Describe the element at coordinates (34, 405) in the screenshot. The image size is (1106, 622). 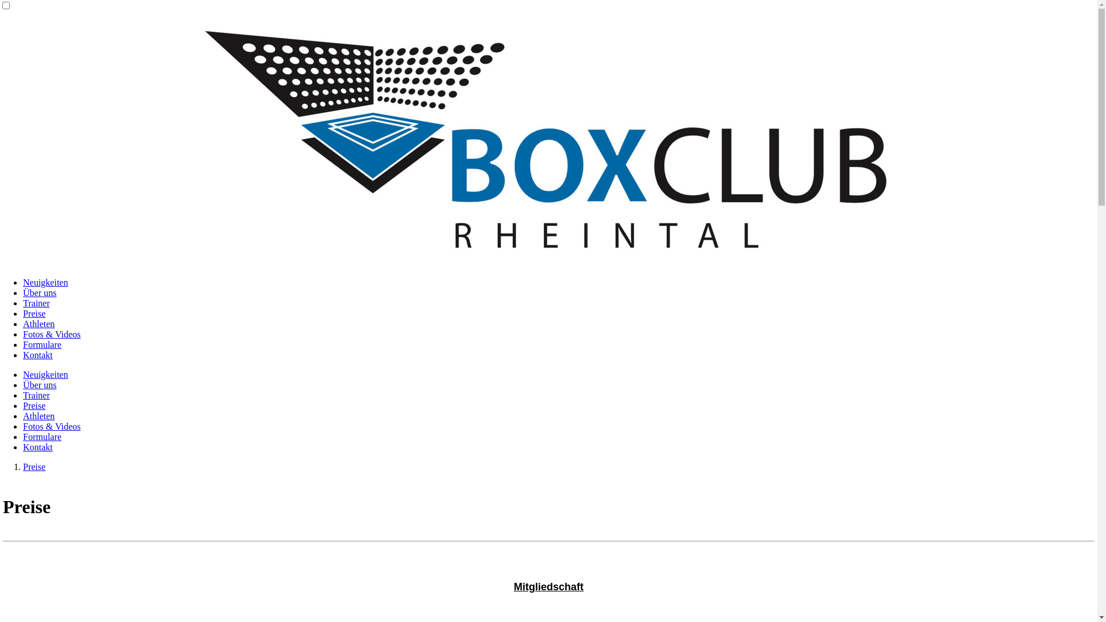
I see `'Preise'` at that location.